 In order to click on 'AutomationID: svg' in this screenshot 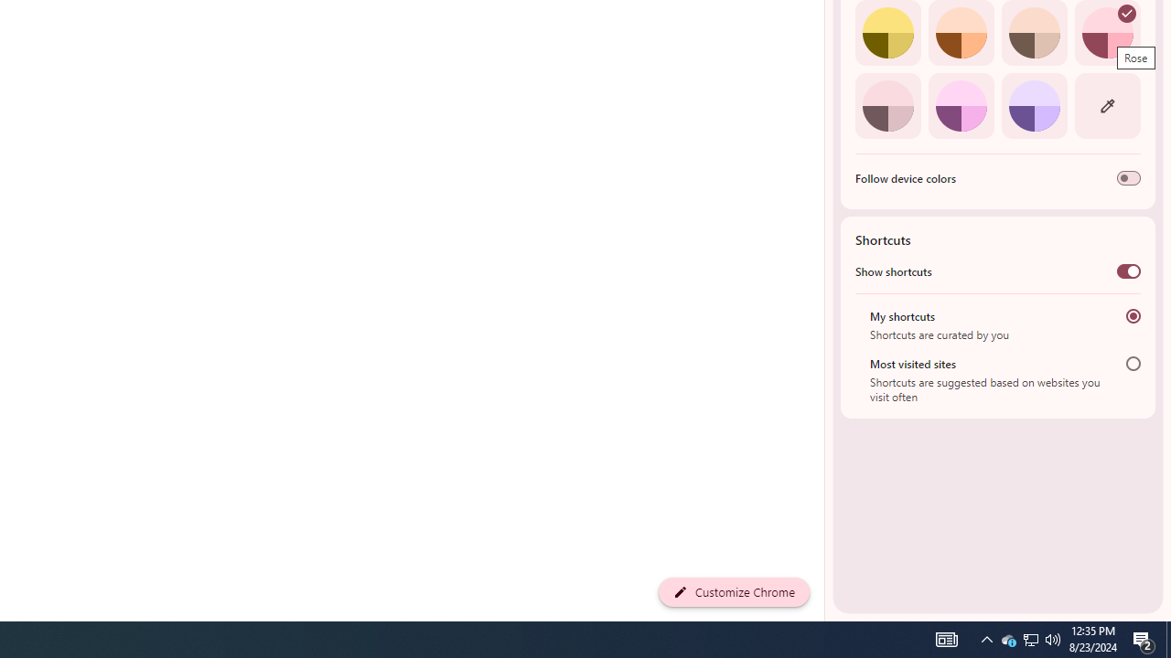, I will do `click(1126, 14)`.